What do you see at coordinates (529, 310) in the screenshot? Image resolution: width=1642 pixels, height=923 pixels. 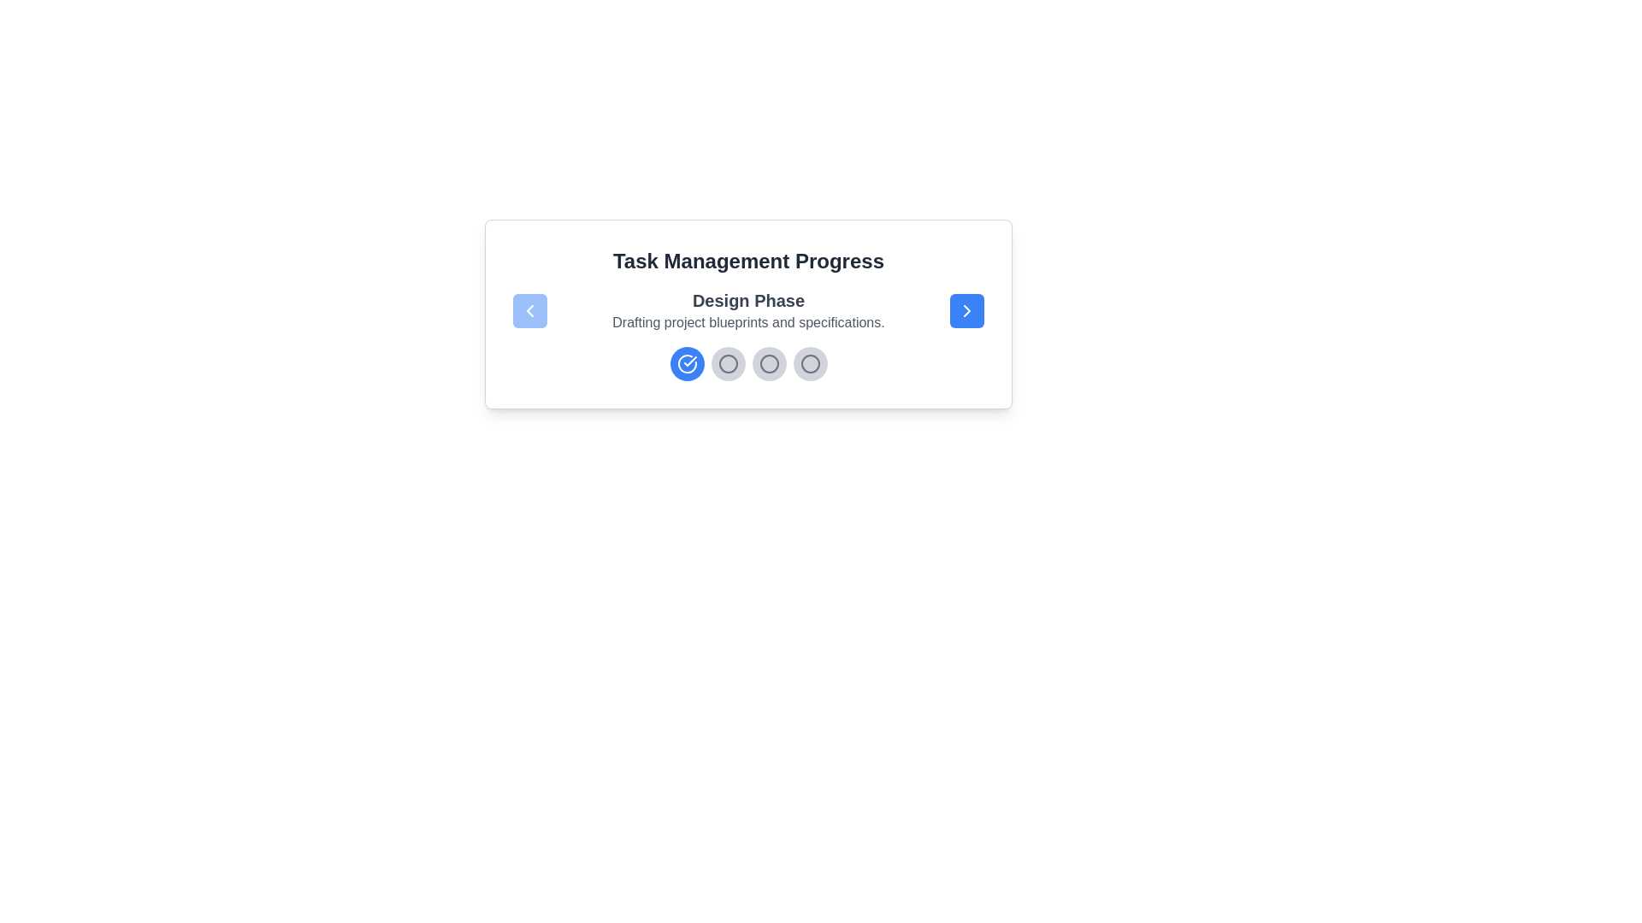 I see `the left navigation button to move to the previous step` at bounding box center [529, 310].